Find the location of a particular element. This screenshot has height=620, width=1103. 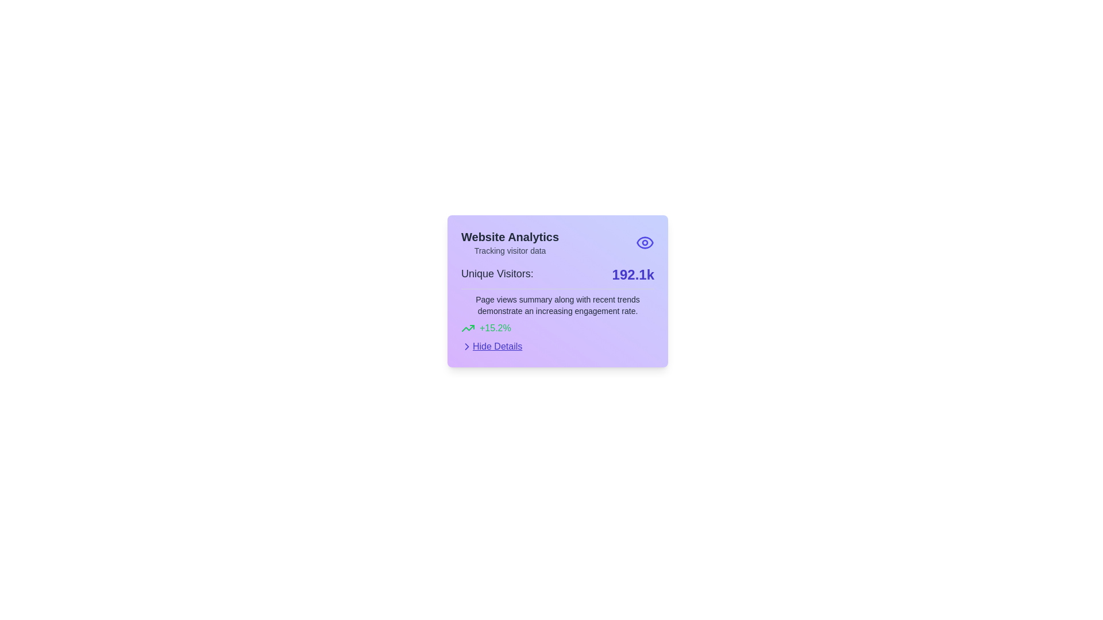

the chevron icon indicating navigational direction associated with the 'Hide Details' text link is located at coordinates (466, 346).